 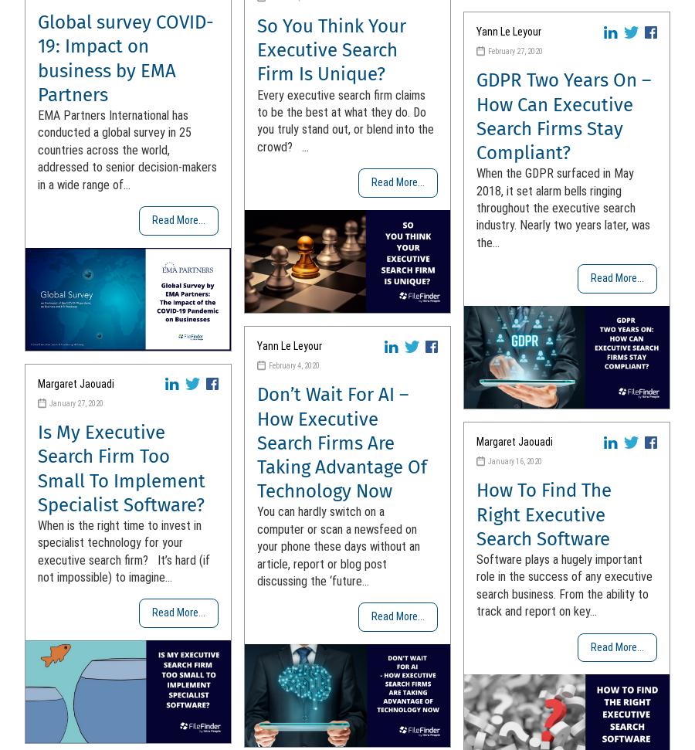 What do you see at coordinates (345, 120) in the screenshot?
I see `'Every executive search firm claims to be the best at what they do. Do you truly stand out, or blend into the crowd?   ...'` at bounding box center [345, 120].